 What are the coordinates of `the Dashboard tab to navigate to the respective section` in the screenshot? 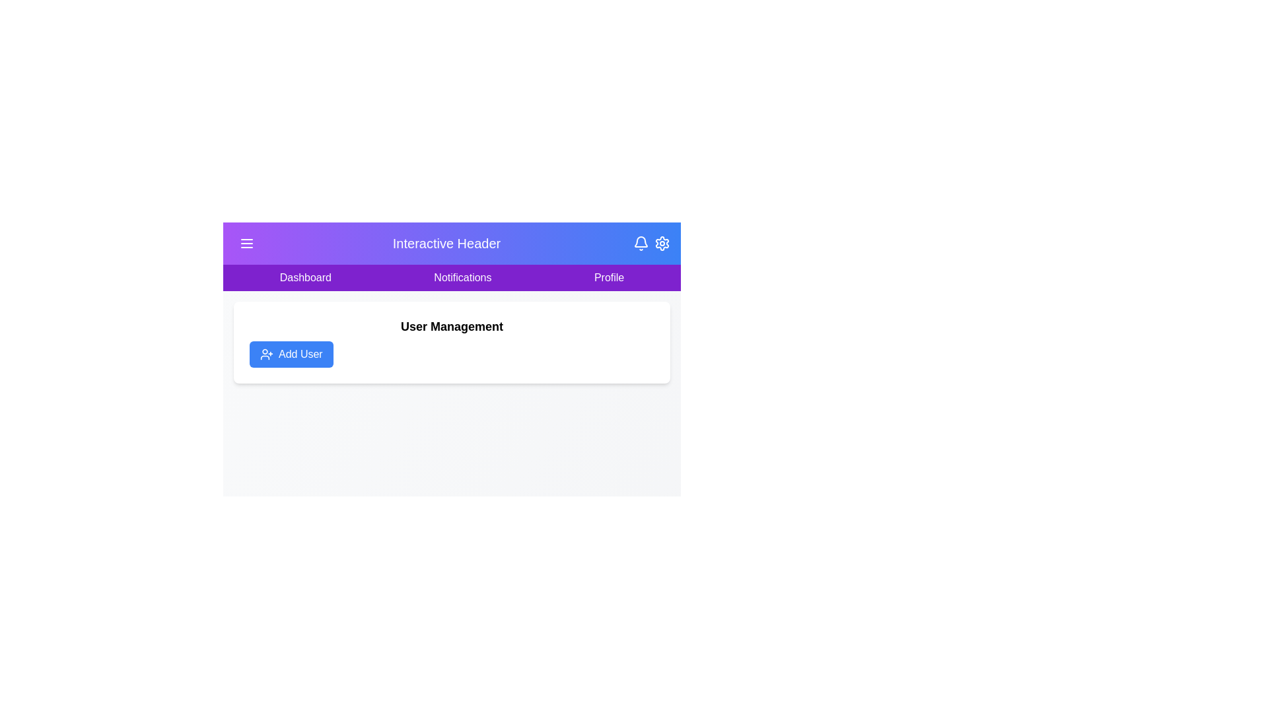 It's located at (304, 277).